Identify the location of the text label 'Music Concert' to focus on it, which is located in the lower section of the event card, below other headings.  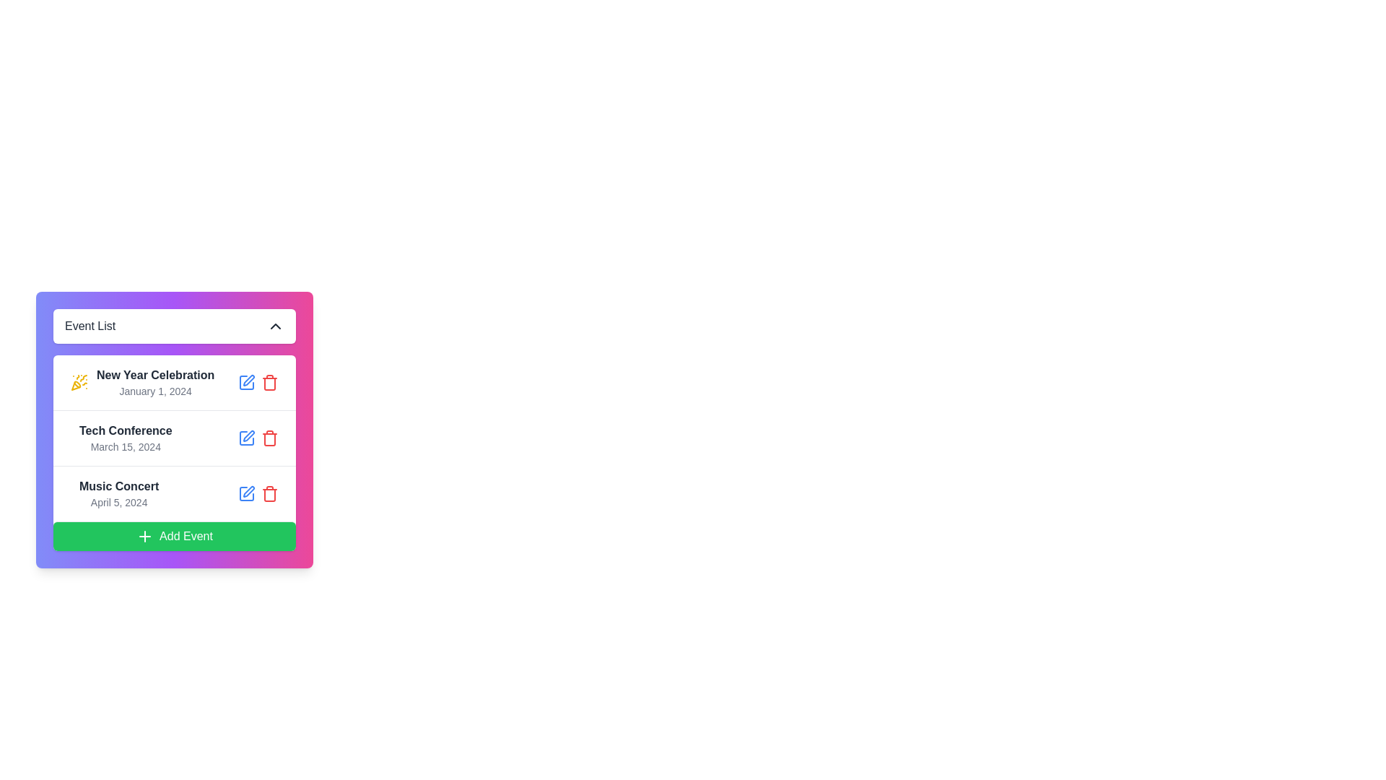
(119, 487).